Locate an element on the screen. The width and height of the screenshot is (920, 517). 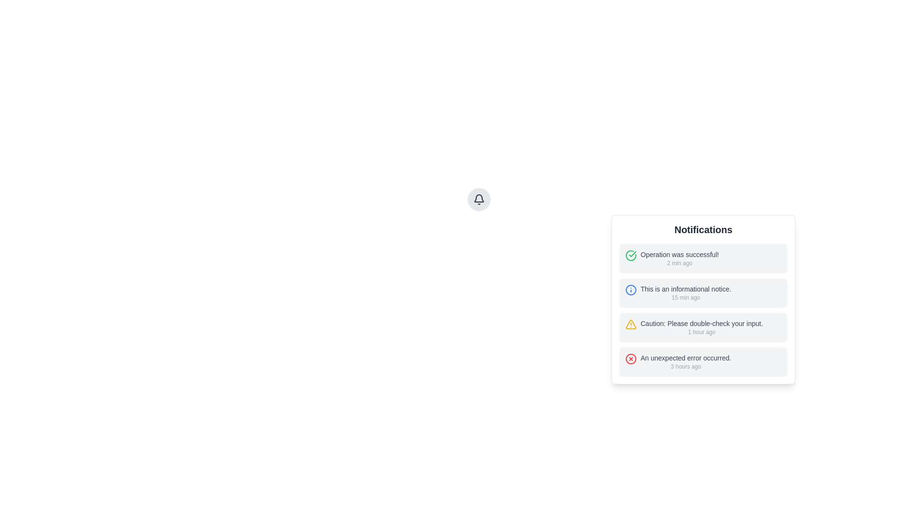
the text label displaying '3 hours ago', which is styled with a light gray font and located directly underneath the error message 'An unexpected error occurred.' in the notification pane is located at coordinates (685, 366).